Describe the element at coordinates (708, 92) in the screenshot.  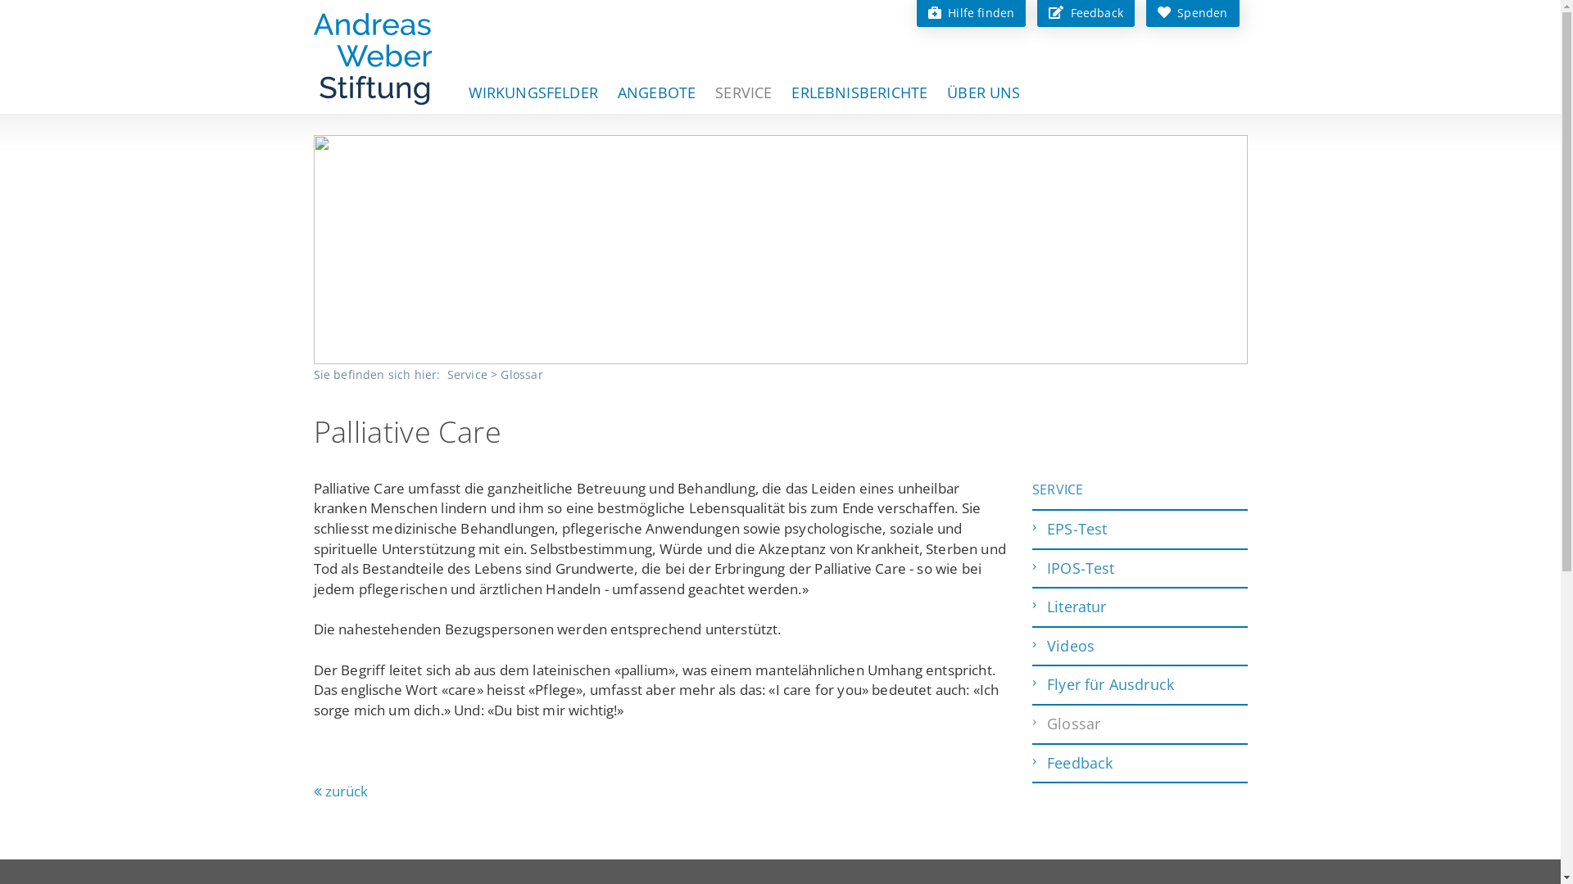
I see `'SERVICE'` at that location.